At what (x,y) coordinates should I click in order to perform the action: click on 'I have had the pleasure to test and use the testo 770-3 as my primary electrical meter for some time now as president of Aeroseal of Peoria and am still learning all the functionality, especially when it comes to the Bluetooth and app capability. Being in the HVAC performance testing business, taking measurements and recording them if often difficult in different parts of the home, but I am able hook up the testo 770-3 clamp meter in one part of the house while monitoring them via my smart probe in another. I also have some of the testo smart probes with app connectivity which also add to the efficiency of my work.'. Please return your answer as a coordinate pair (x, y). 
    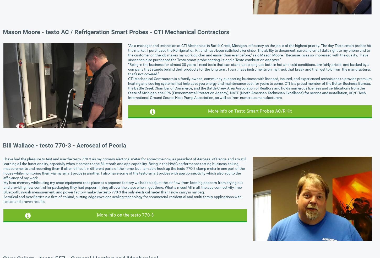
    Looking at the image, I should click on (3, 168).